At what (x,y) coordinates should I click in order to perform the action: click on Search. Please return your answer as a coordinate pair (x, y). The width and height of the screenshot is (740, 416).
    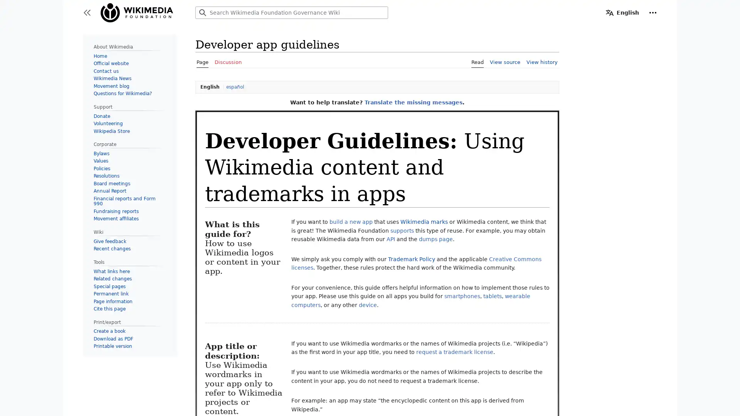
    Looking at the image, I should click on (203, 13).